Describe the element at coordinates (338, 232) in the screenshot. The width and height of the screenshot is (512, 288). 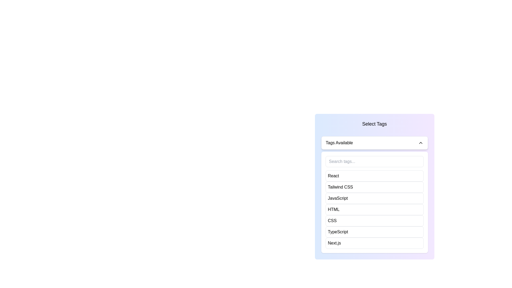
I see `the selectable tag for 'TypeScript' located sixth in the dropdown menu under 'Select Tags'` at that location.